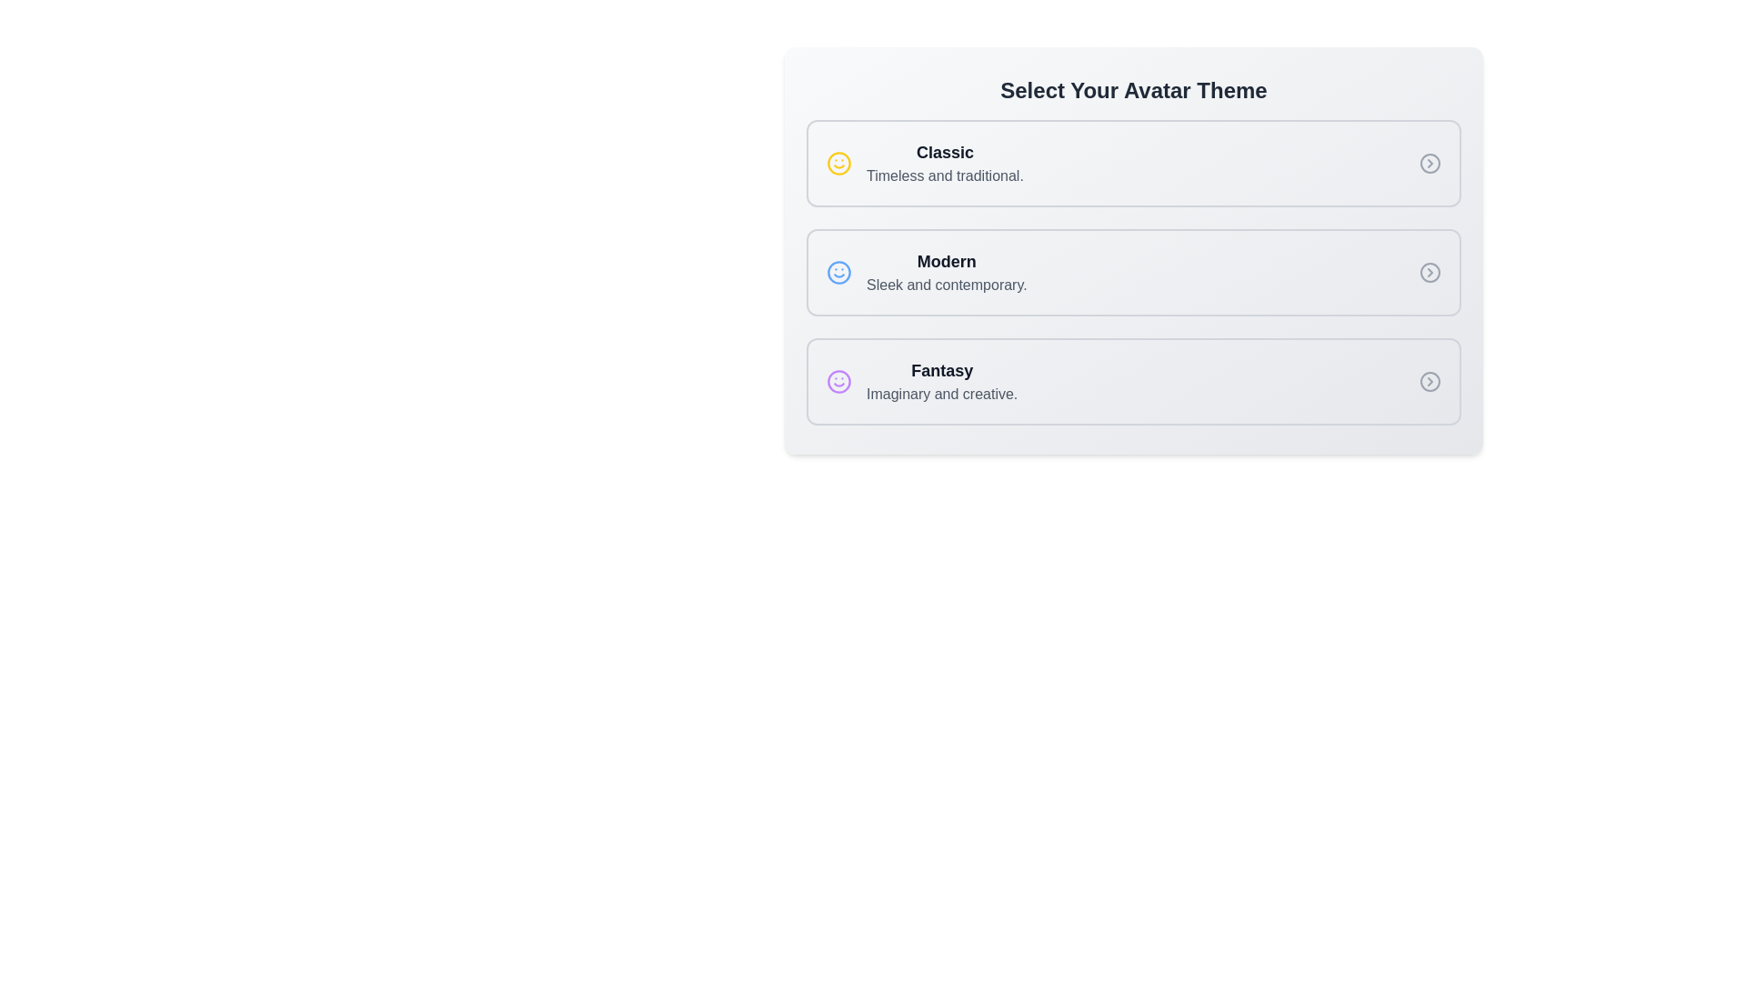  I want to click on the 'Fantasy' selection card located at the bottom of the vertical stack of three cards, so click(1133, 381).